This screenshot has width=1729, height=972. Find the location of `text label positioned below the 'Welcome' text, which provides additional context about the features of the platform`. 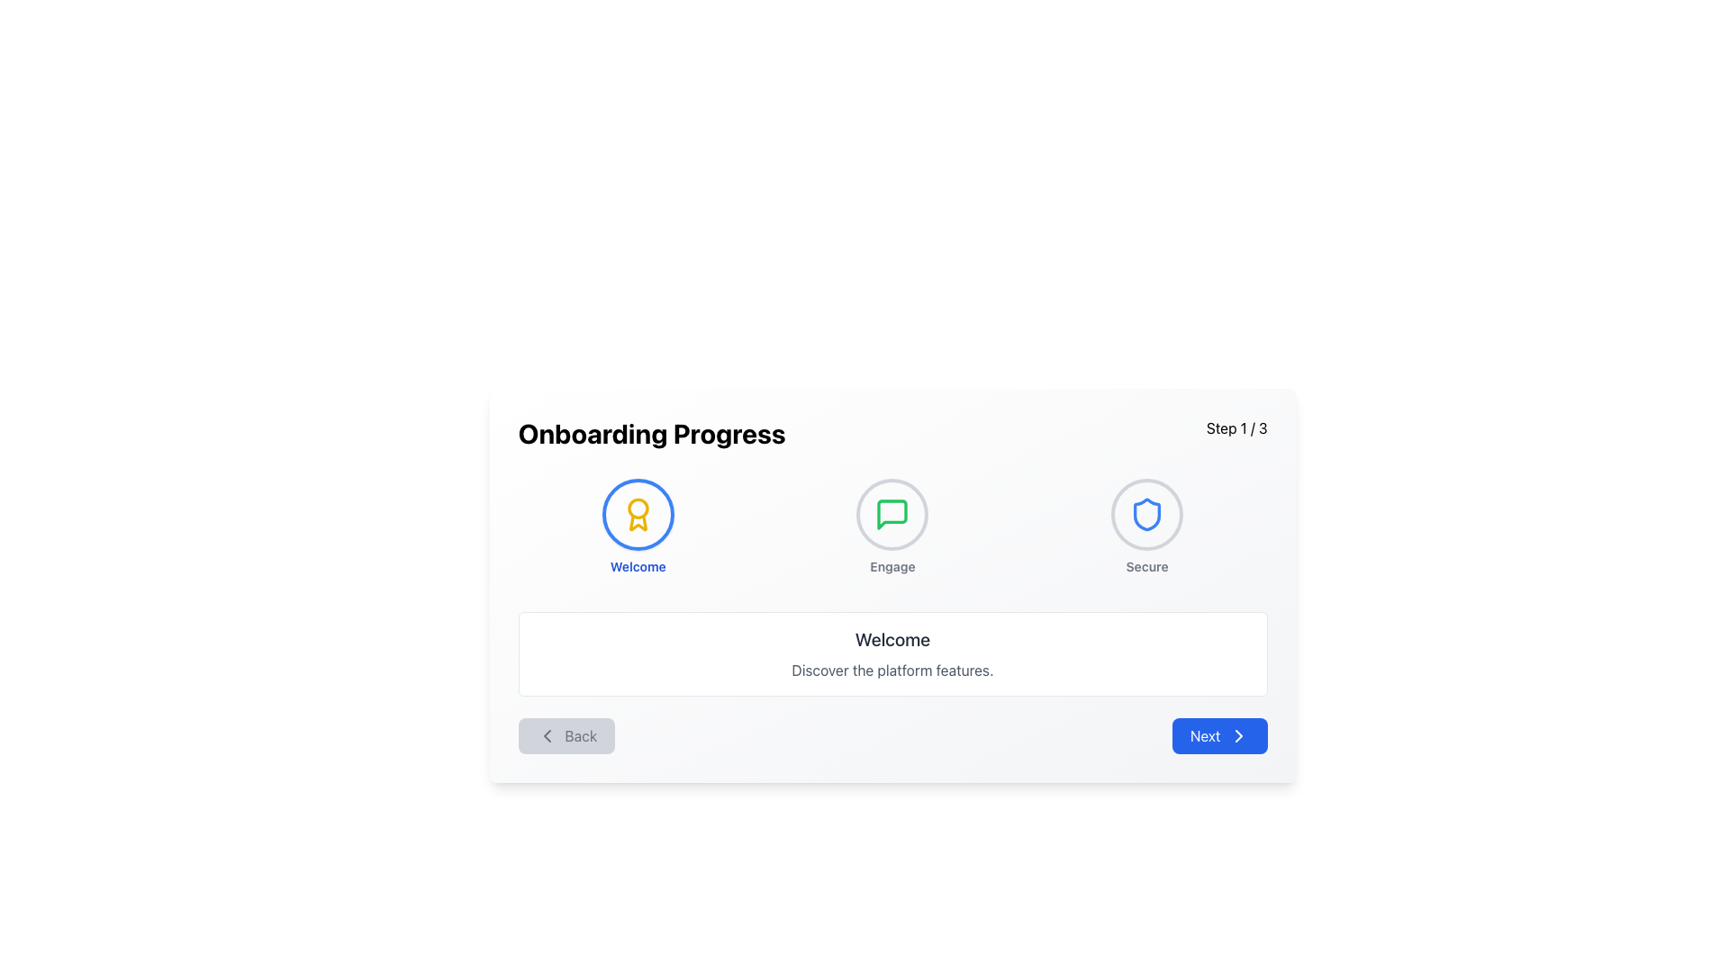

text label positioned below the 'Welcome' text, which provides additional context about the features of the platform is located at coordinates (892, 670).